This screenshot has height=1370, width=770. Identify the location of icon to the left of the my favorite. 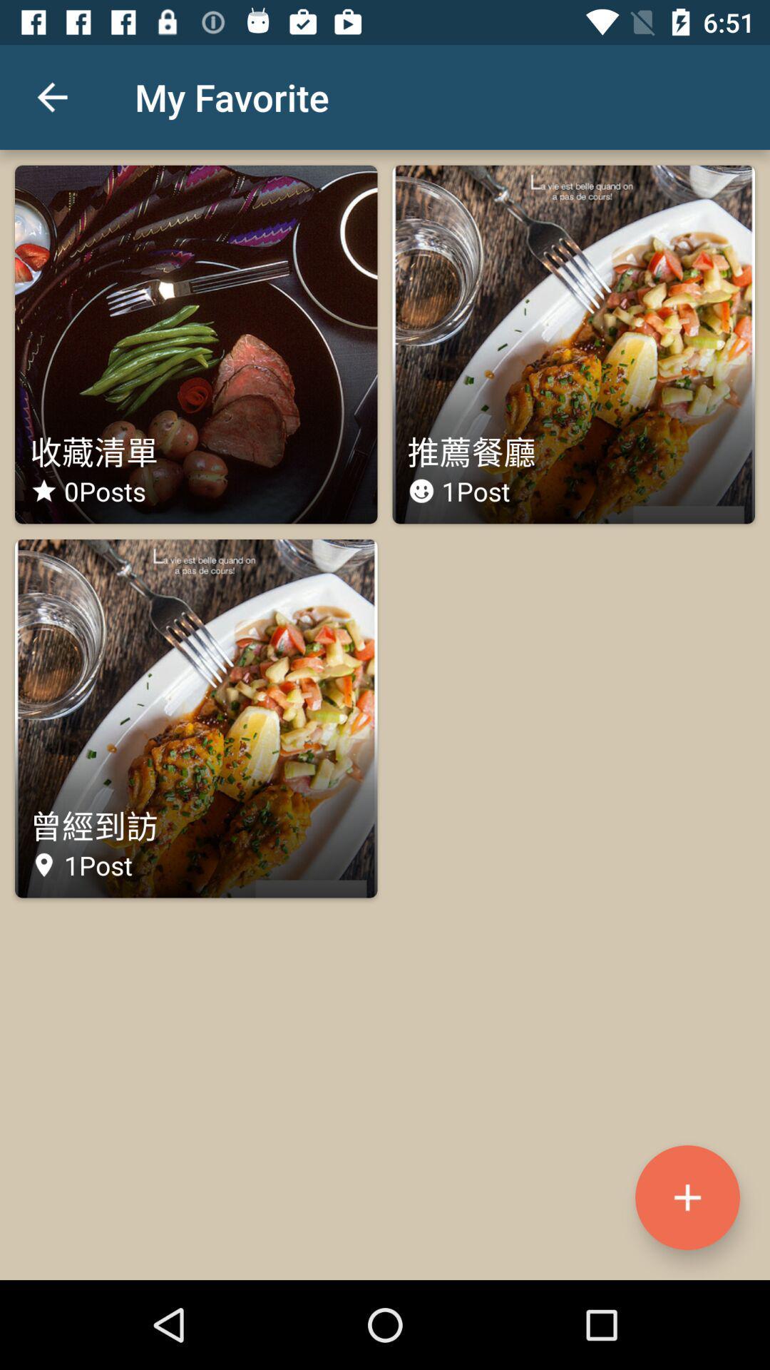
(51, 96).